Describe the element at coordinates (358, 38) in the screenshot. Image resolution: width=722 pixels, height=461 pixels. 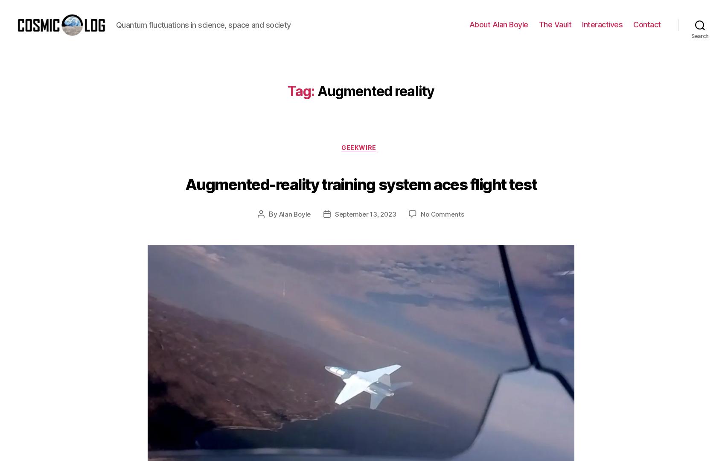
I see `'“The pathways through which we receive pain are the same pathways through which distraction travels,” computer scientist Amitabh Varshney told journalists last week during a tour of the university’s'` at that location.